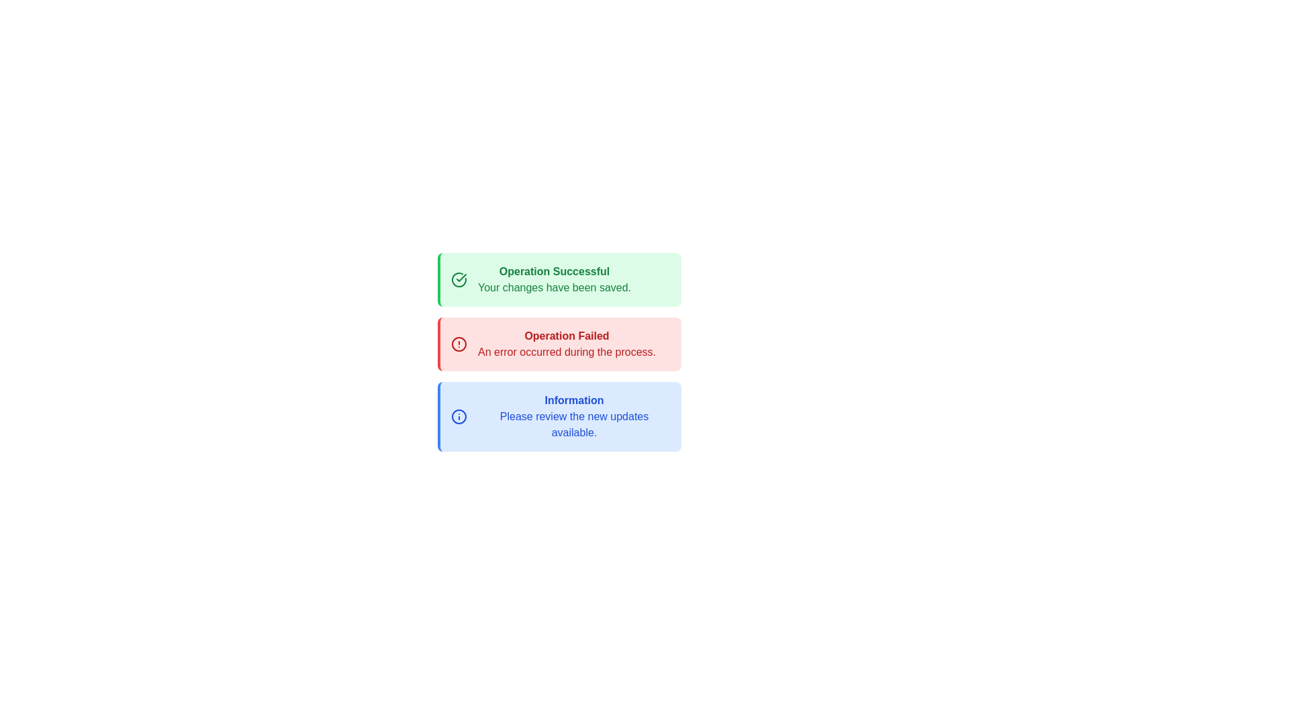  Describe the element at coordinates (574, 416) in the screenshot. I see `information from the informational message Text block located at the bottom of the vertical stack of panels, below the 'Operation Failed' red panel` at that location.